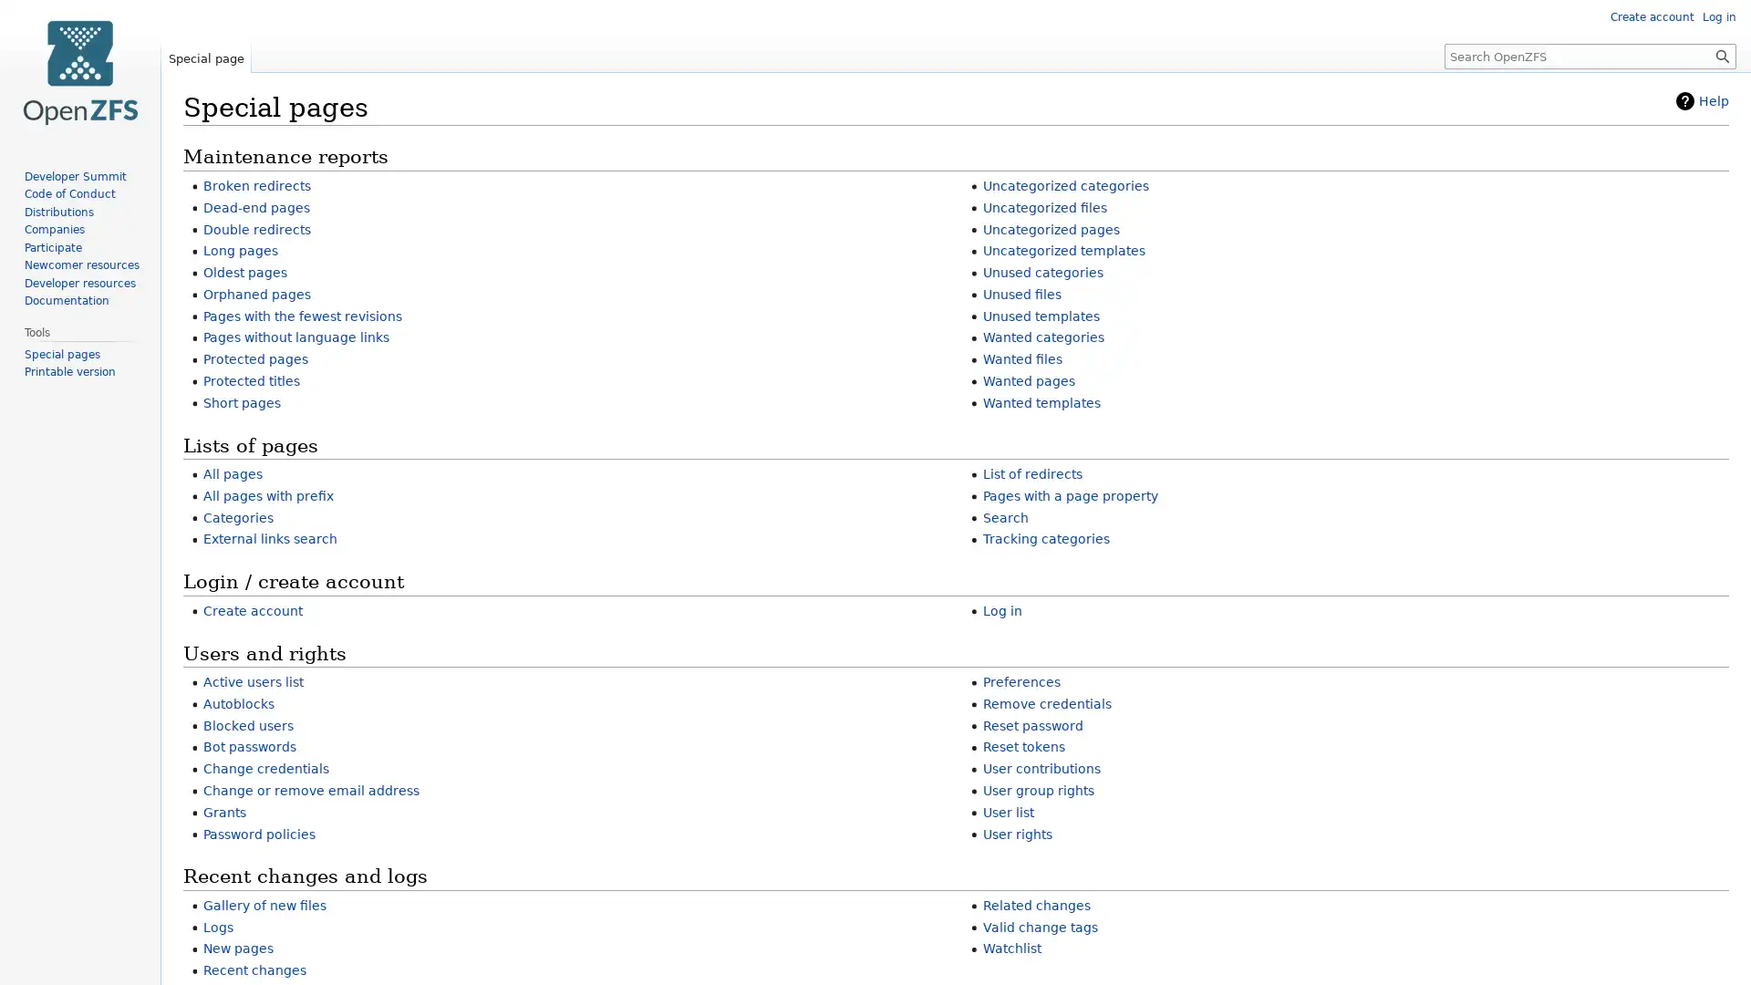 The width and height of the screenshot is (1751, 985). What do you see at coordinates (1722, 55) in the screenshot?
I see `Go` at bounding box center [1722, 55].